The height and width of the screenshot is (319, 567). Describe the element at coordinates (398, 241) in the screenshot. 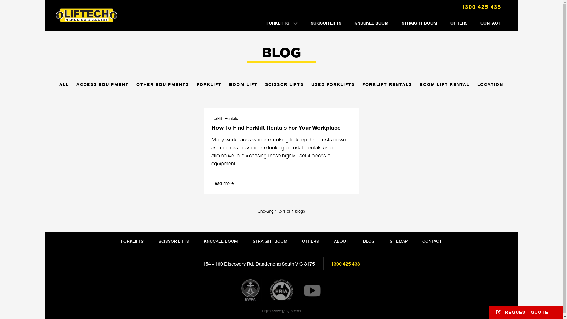

I see `'SITEMAP'` at that location.